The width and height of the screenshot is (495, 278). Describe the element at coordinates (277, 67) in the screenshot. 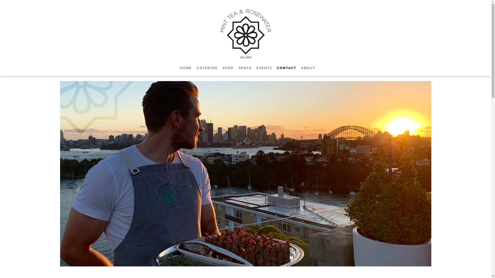

I see `'CONTACT'` at that location.